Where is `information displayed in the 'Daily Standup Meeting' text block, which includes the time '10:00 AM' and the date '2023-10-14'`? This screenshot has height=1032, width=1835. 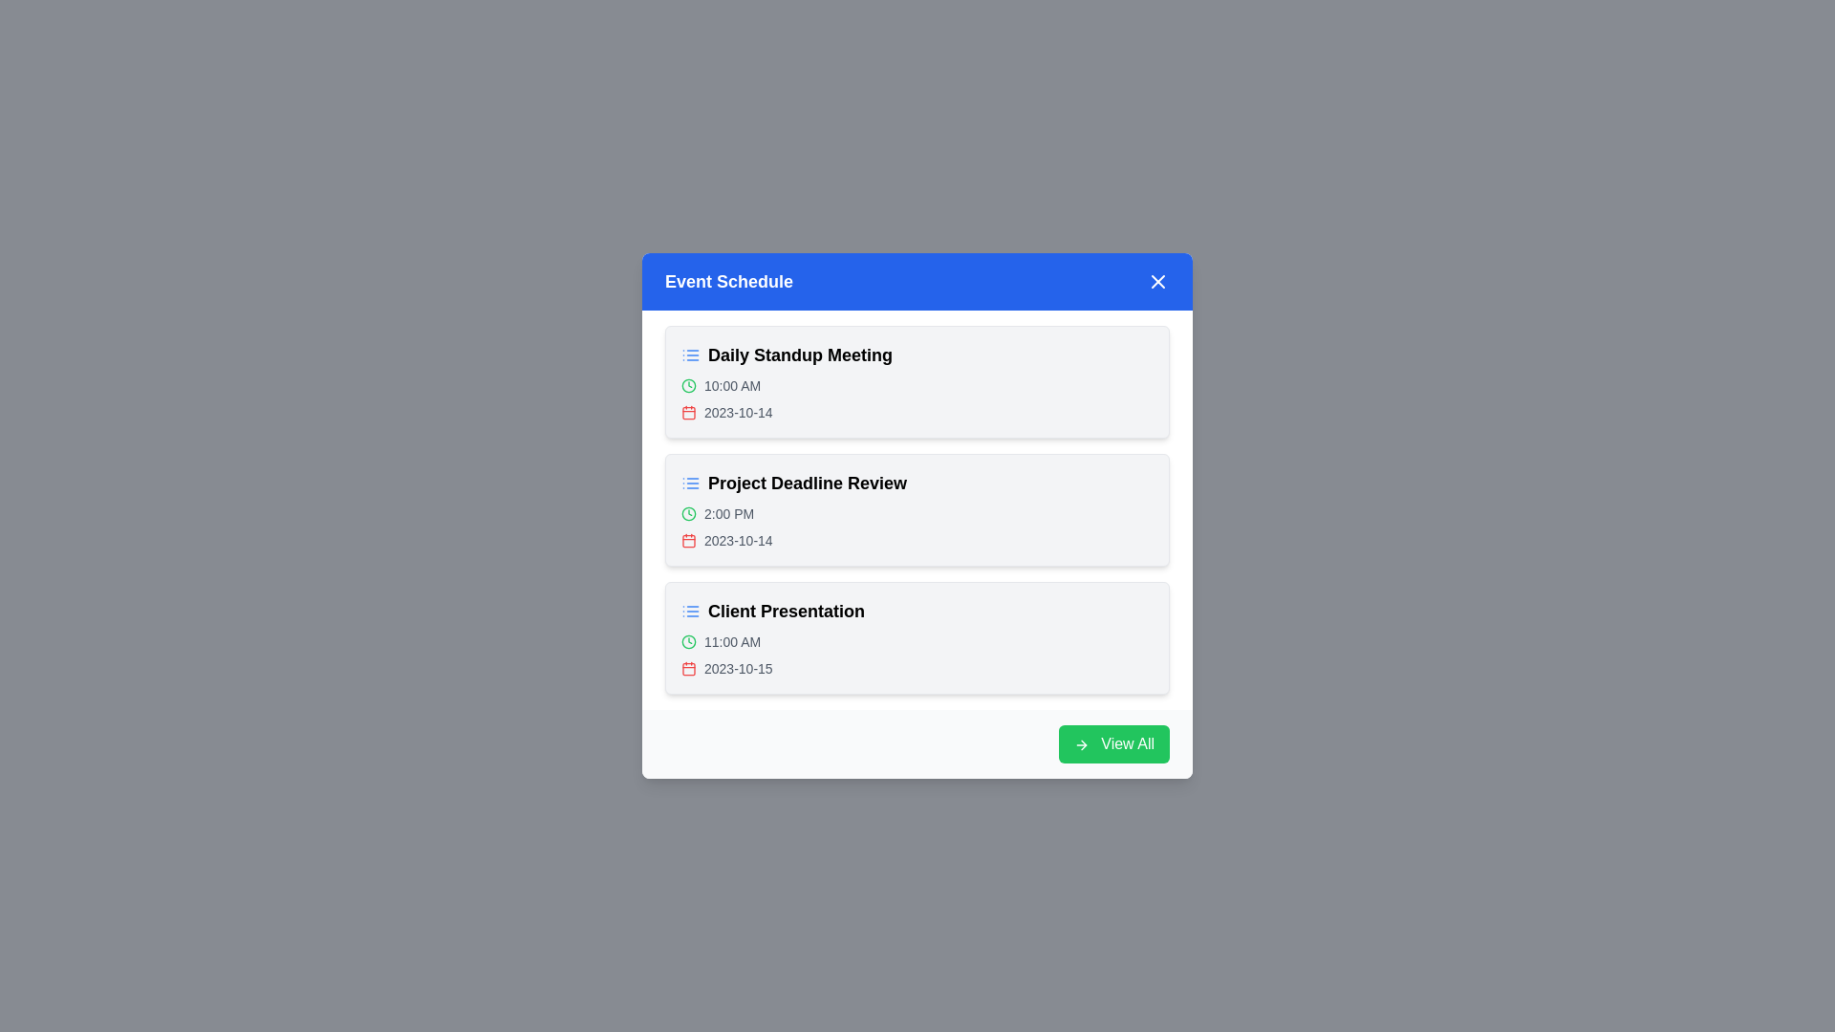 information displayed in the 'Daily Standup Meeting' text block, which includes the time '10:00 AM' and the date '2023-10-14' is located at coordinates (773, 346).